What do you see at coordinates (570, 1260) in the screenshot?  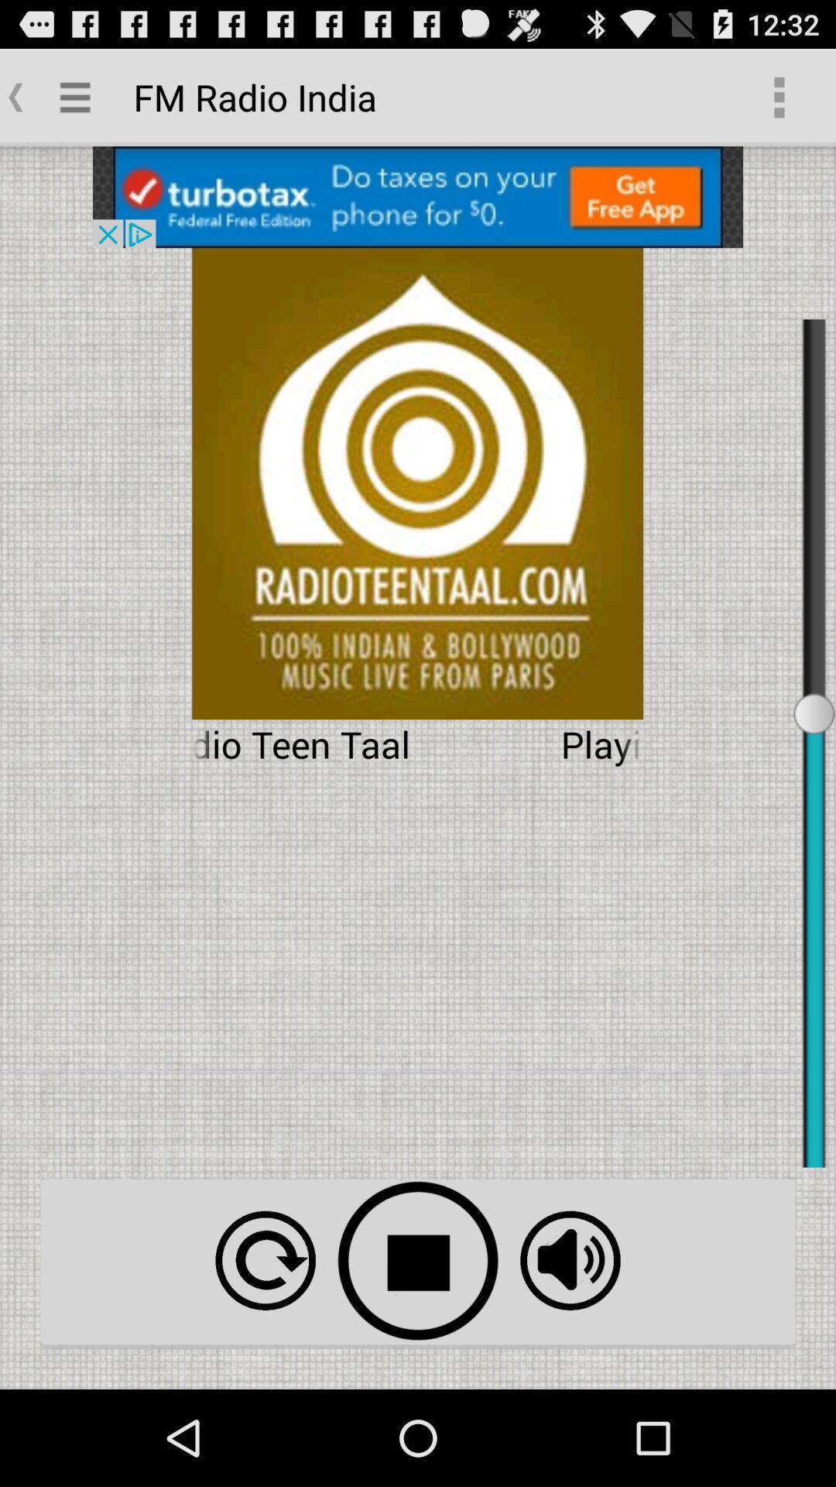 I see `change volume levels` at bounding box center [570, 1260].